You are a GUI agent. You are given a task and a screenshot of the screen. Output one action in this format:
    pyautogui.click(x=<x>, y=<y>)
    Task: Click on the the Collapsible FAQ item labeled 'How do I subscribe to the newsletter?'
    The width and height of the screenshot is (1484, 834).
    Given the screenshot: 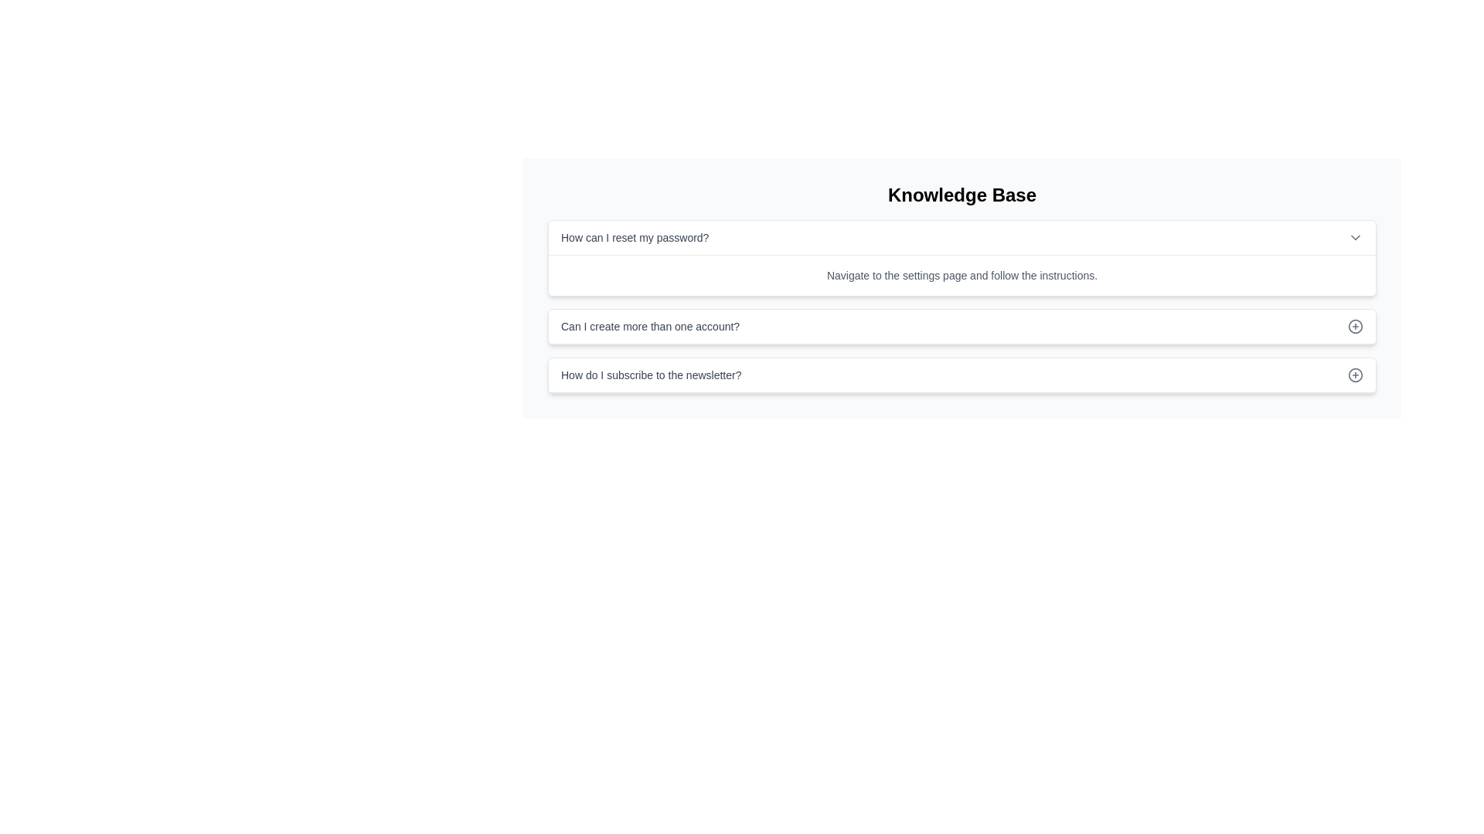 What is the action you would take?
    pyautogui.click(x=961, y=375)
    